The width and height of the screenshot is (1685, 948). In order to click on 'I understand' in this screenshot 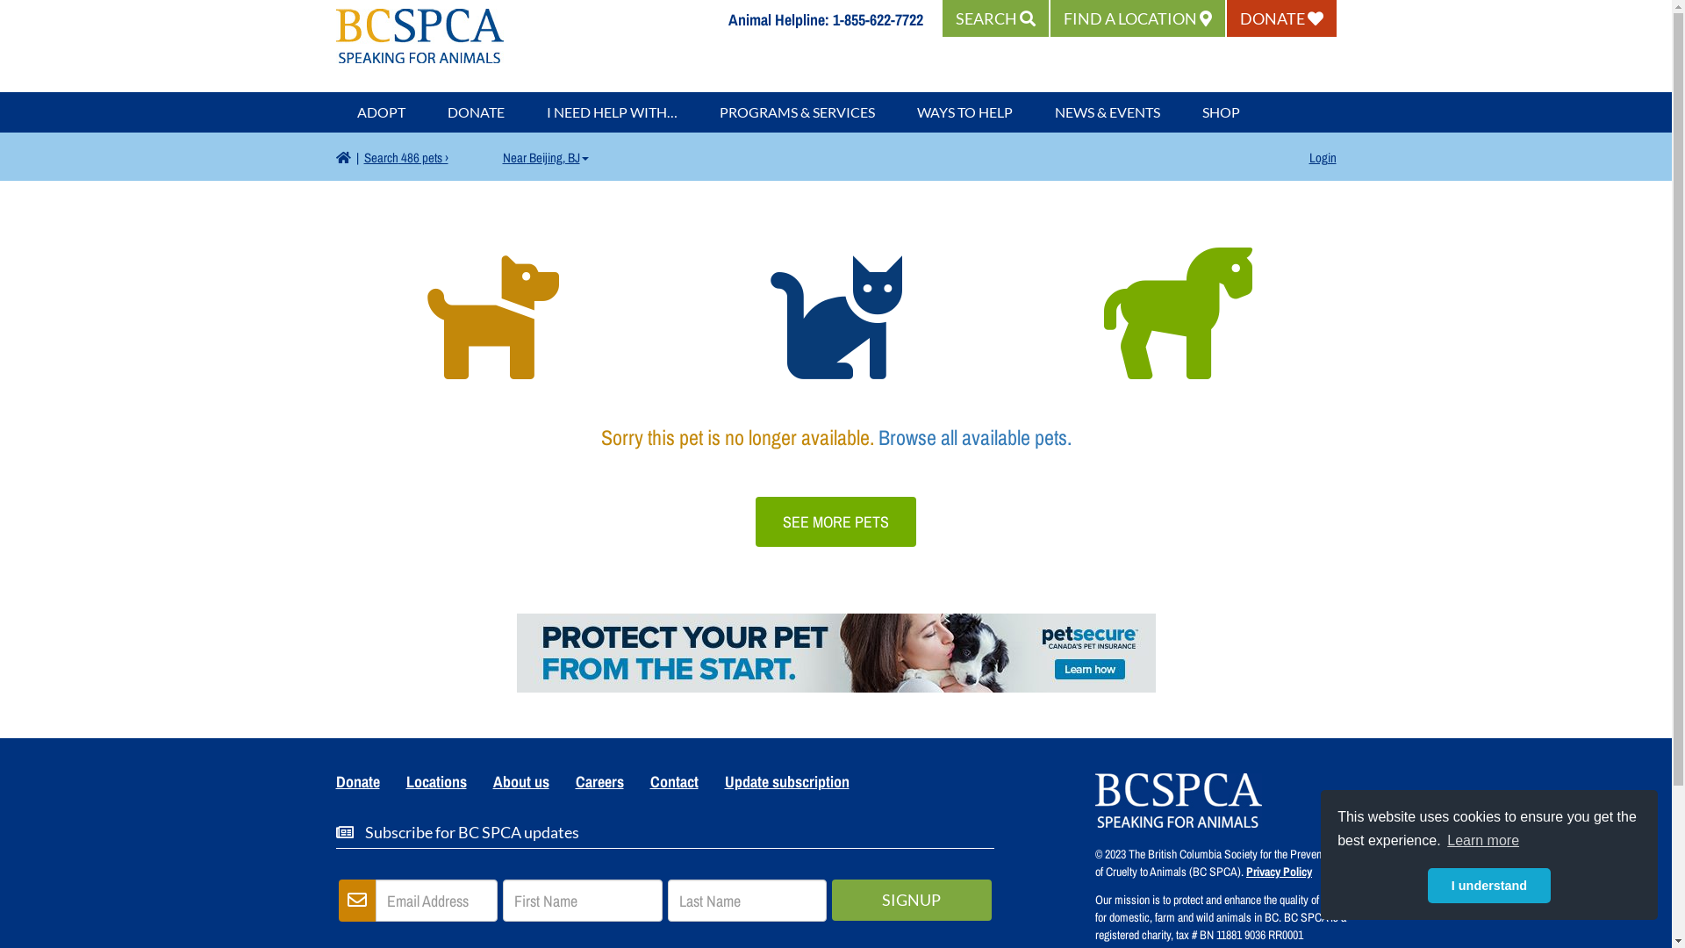, I will do `click(1428, 886)`.